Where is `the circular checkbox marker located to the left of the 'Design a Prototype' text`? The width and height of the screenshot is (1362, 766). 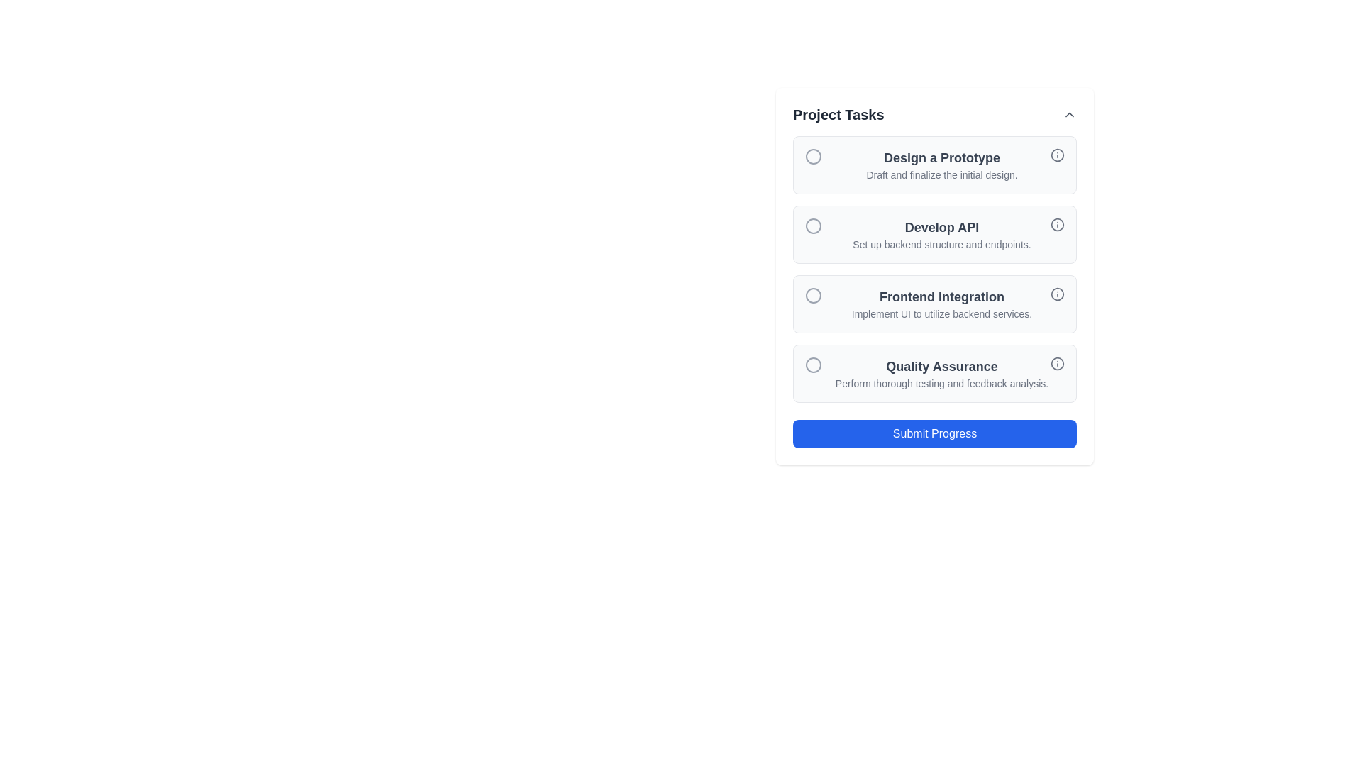 the circular checkbox marker located to the left of the 'Design a Prototype' text is located at coordinates (814, 156).